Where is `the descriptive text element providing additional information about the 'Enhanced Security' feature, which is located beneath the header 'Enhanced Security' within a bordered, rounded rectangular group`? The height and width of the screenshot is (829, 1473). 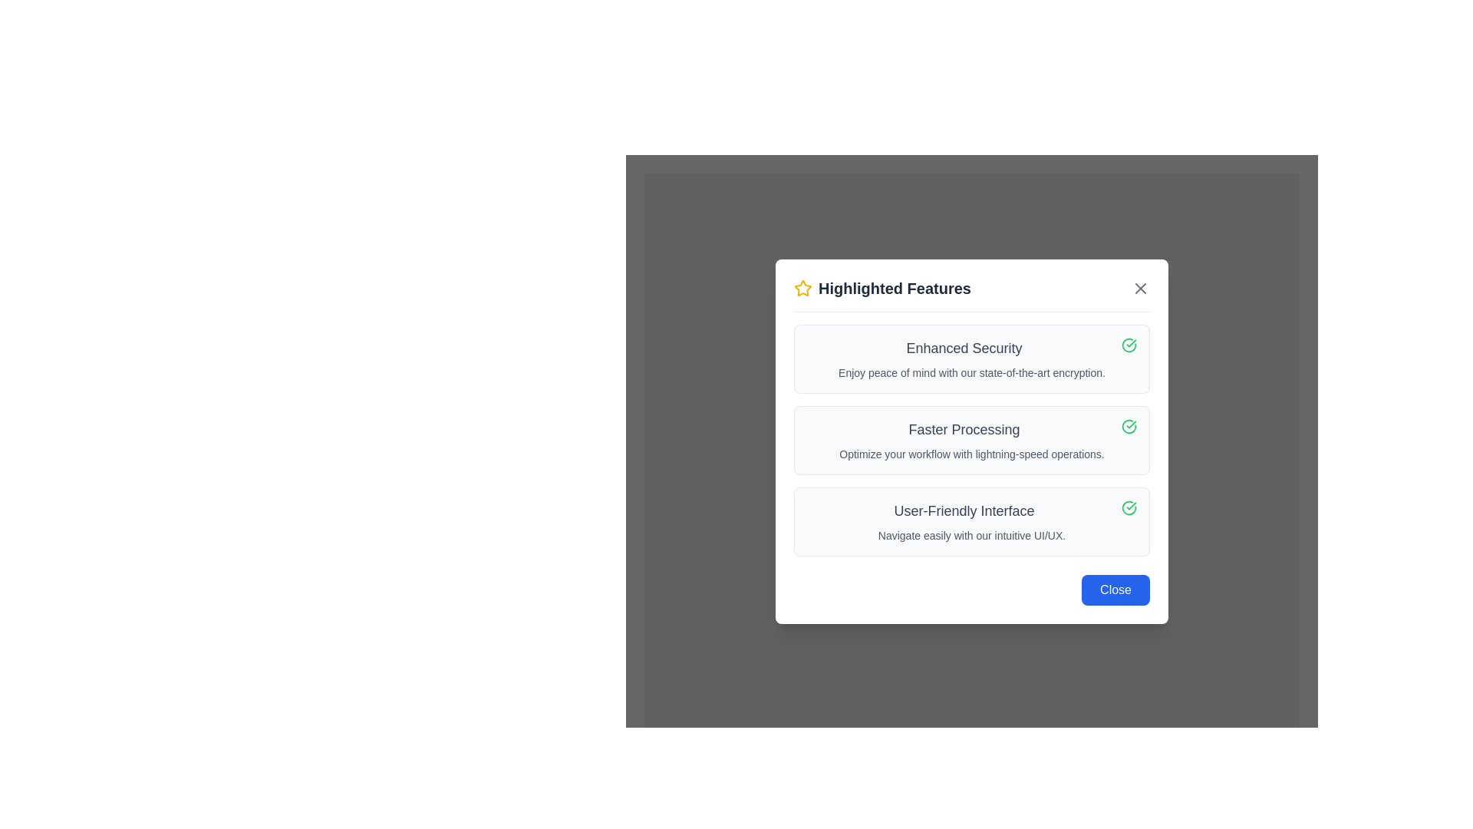 the descriptive text element providing additional information about the 'Enhanced Security' feature, which is located beneath the header 'Enhanced Security' within a bordered, rounded rectangular group is located at coordinates (971, 372).